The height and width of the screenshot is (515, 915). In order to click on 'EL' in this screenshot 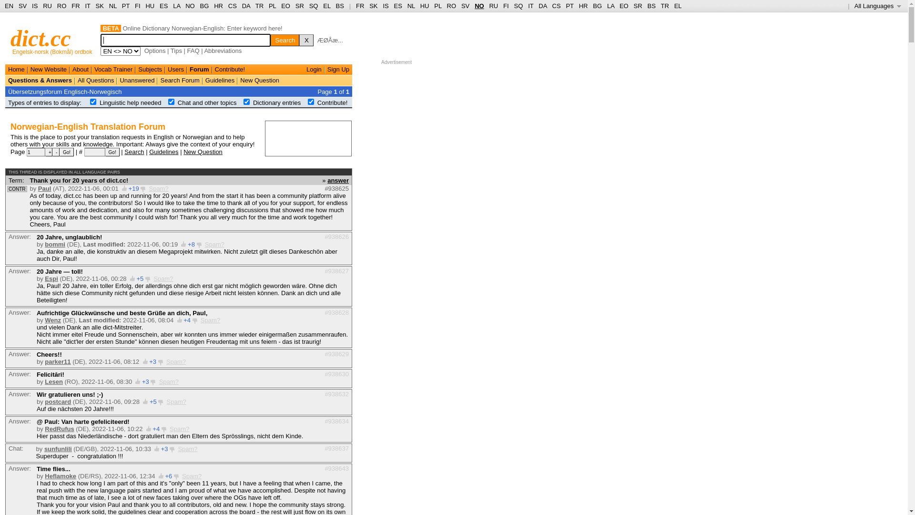, I will do `click(326, 6)`.